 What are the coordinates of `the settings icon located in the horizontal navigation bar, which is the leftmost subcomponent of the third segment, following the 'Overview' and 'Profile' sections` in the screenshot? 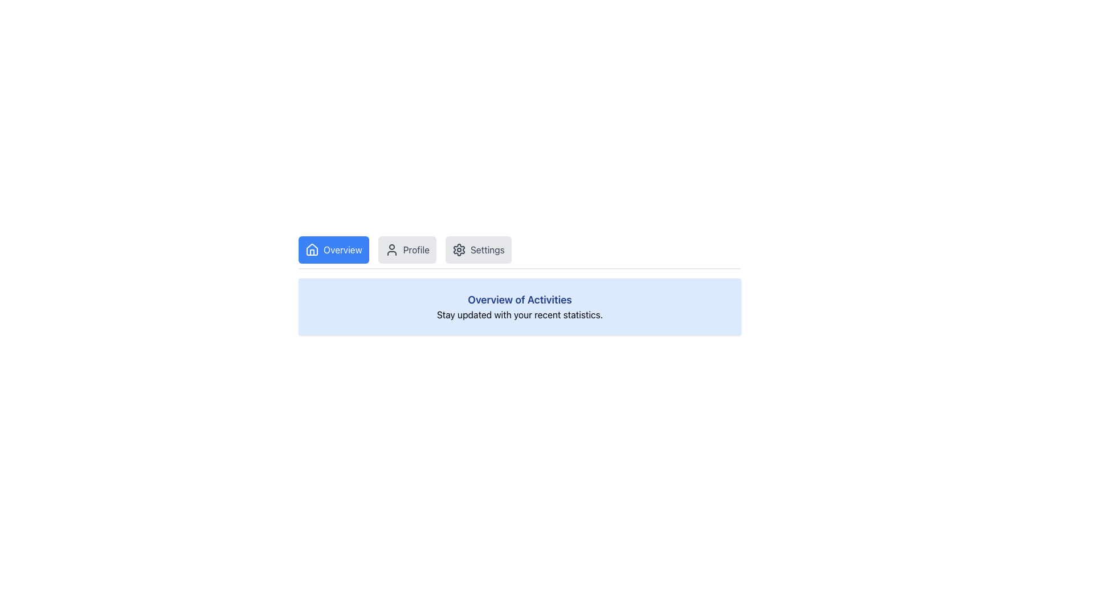 It's located at (459, 249).